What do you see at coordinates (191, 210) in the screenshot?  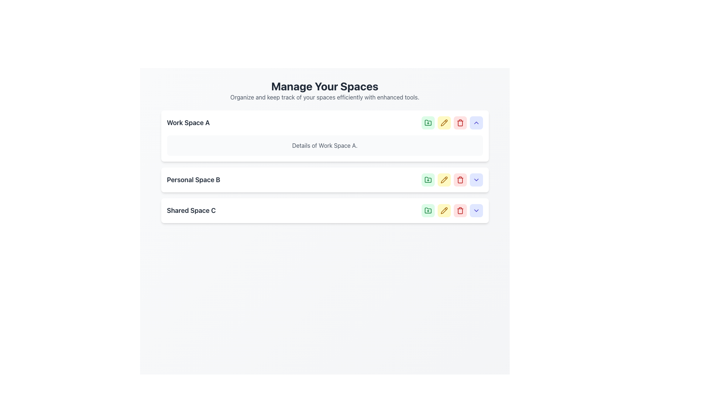 I see `text from the text label that reads 'Shared Space C', which is styled with a bold font in dark gray color` at bounding box center [191, 210].